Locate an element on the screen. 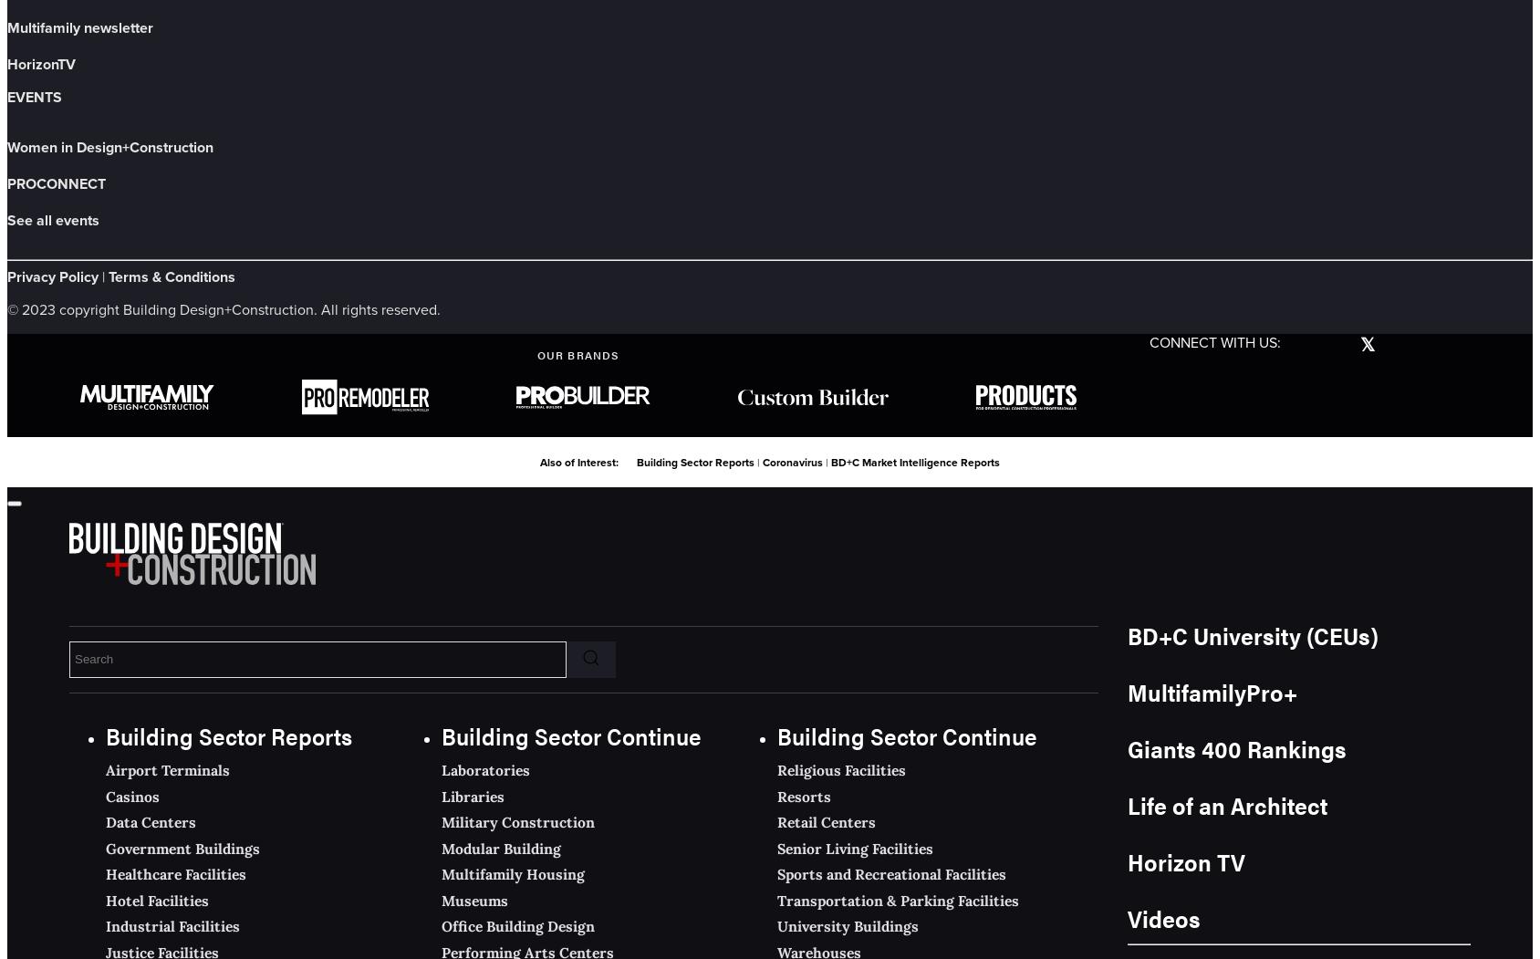 The image size is (1540, 959). 'Privacy Policy' is located at coordinates (52, 276).